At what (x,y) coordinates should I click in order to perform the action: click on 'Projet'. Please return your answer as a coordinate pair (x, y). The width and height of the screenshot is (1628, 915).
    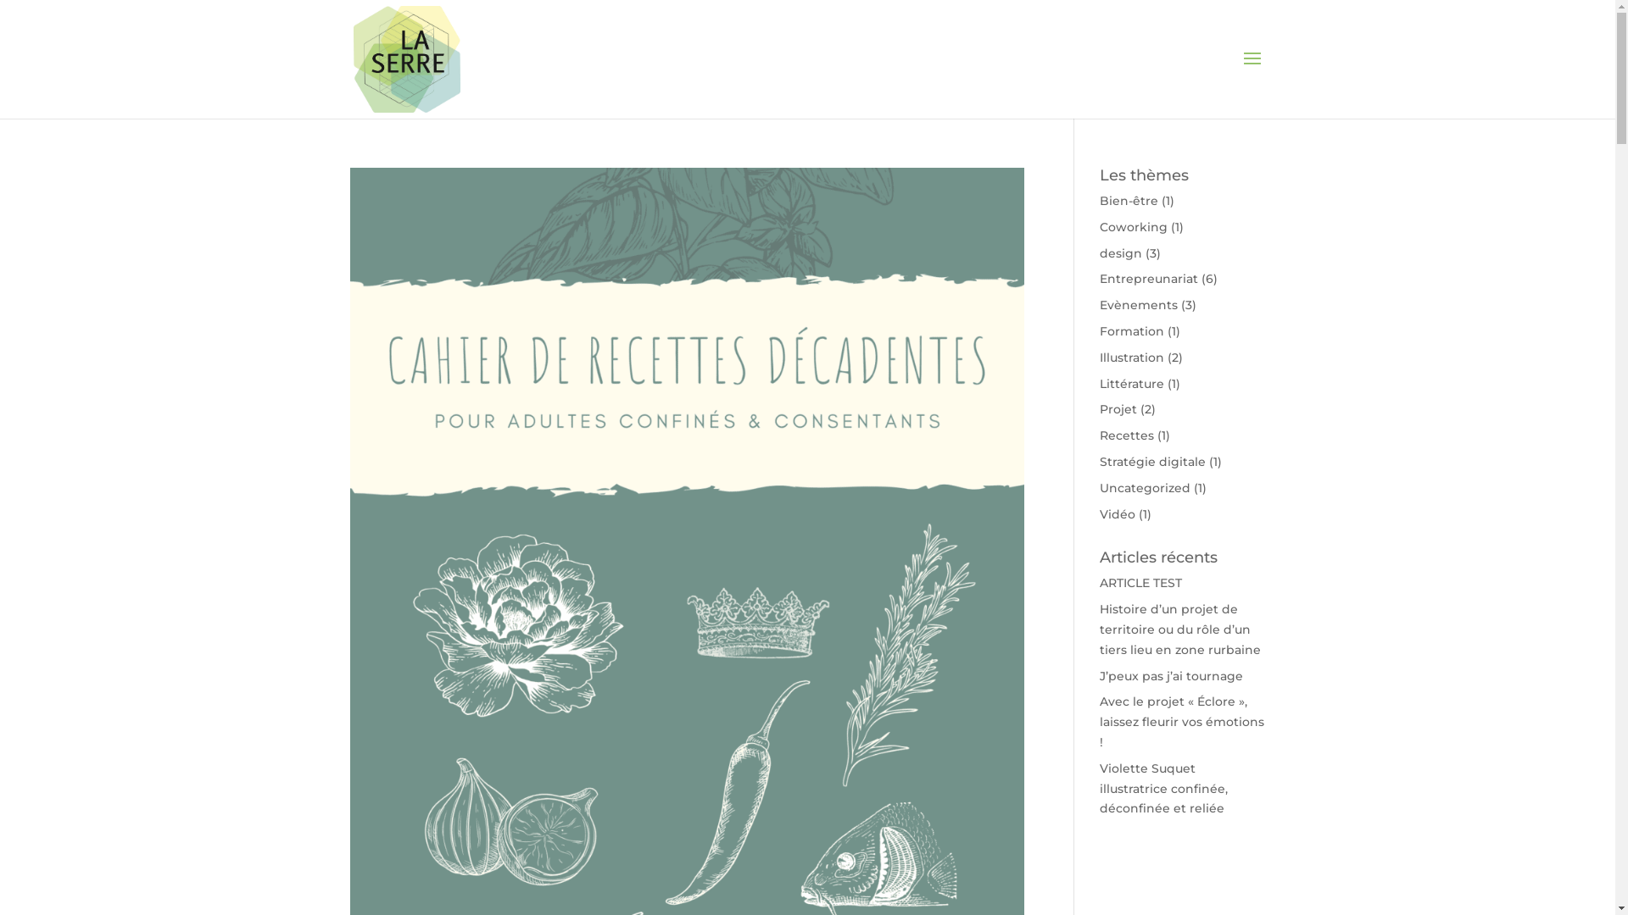
    Looking at the image, I should click on (1118, 408).